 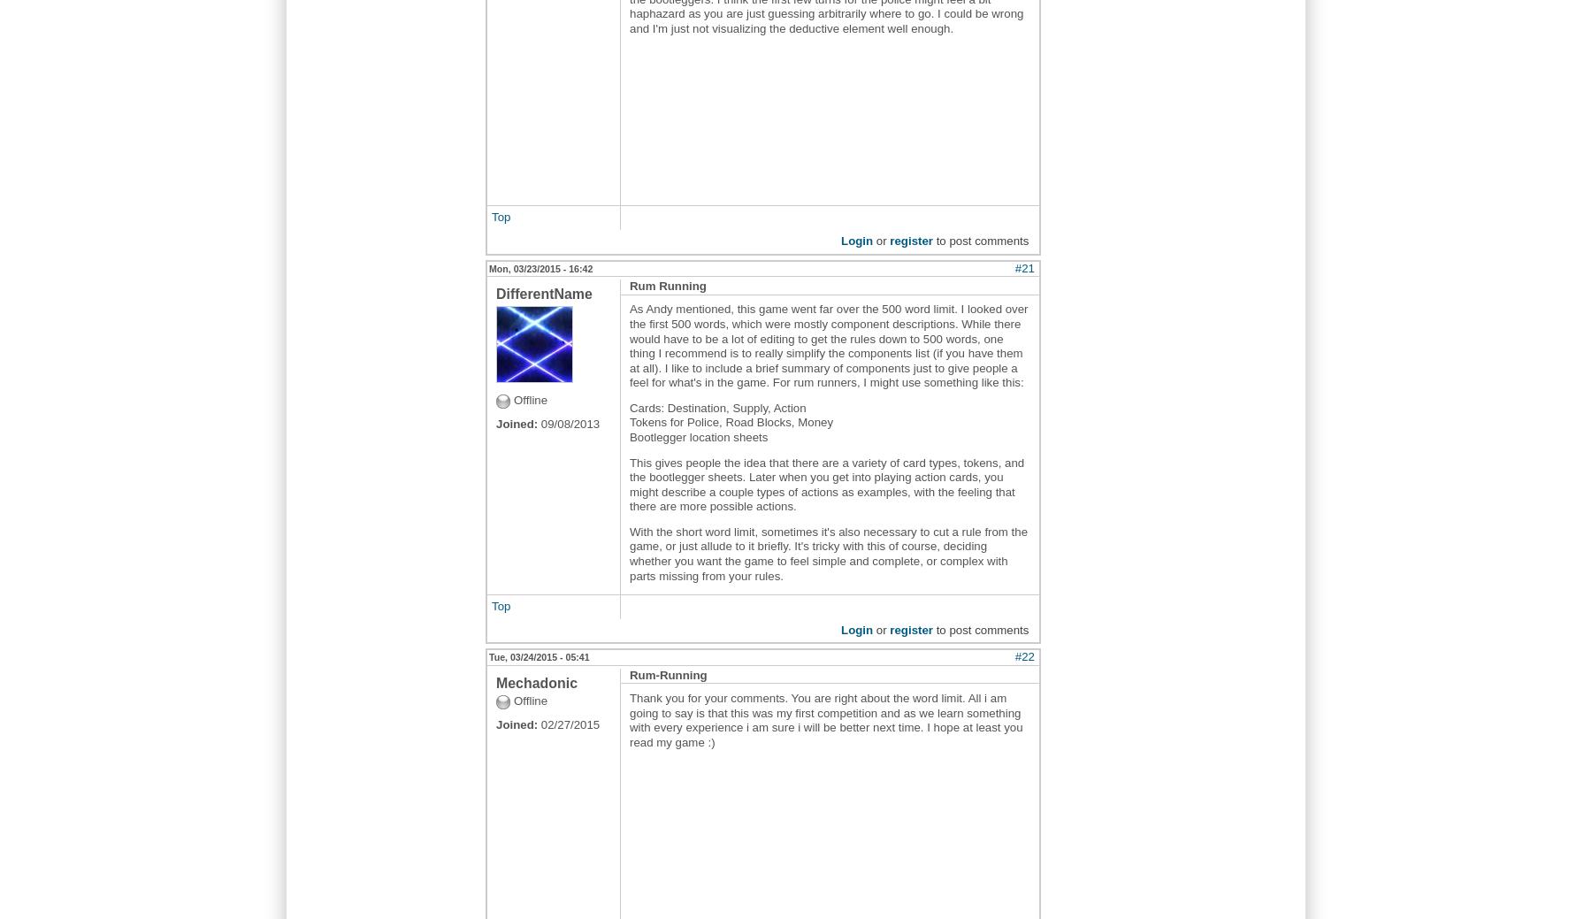 What do you see at coordinates (825, 484) in the screenshot?
I see `'This gives people the idea that there are a variety of card types, tokens, and the bootlegger sheets. Later when you get into playing action cards, you might describe a couple types of actions as examples, with the feeling that there are more possible actions.'` at bounding box center [825, 484].